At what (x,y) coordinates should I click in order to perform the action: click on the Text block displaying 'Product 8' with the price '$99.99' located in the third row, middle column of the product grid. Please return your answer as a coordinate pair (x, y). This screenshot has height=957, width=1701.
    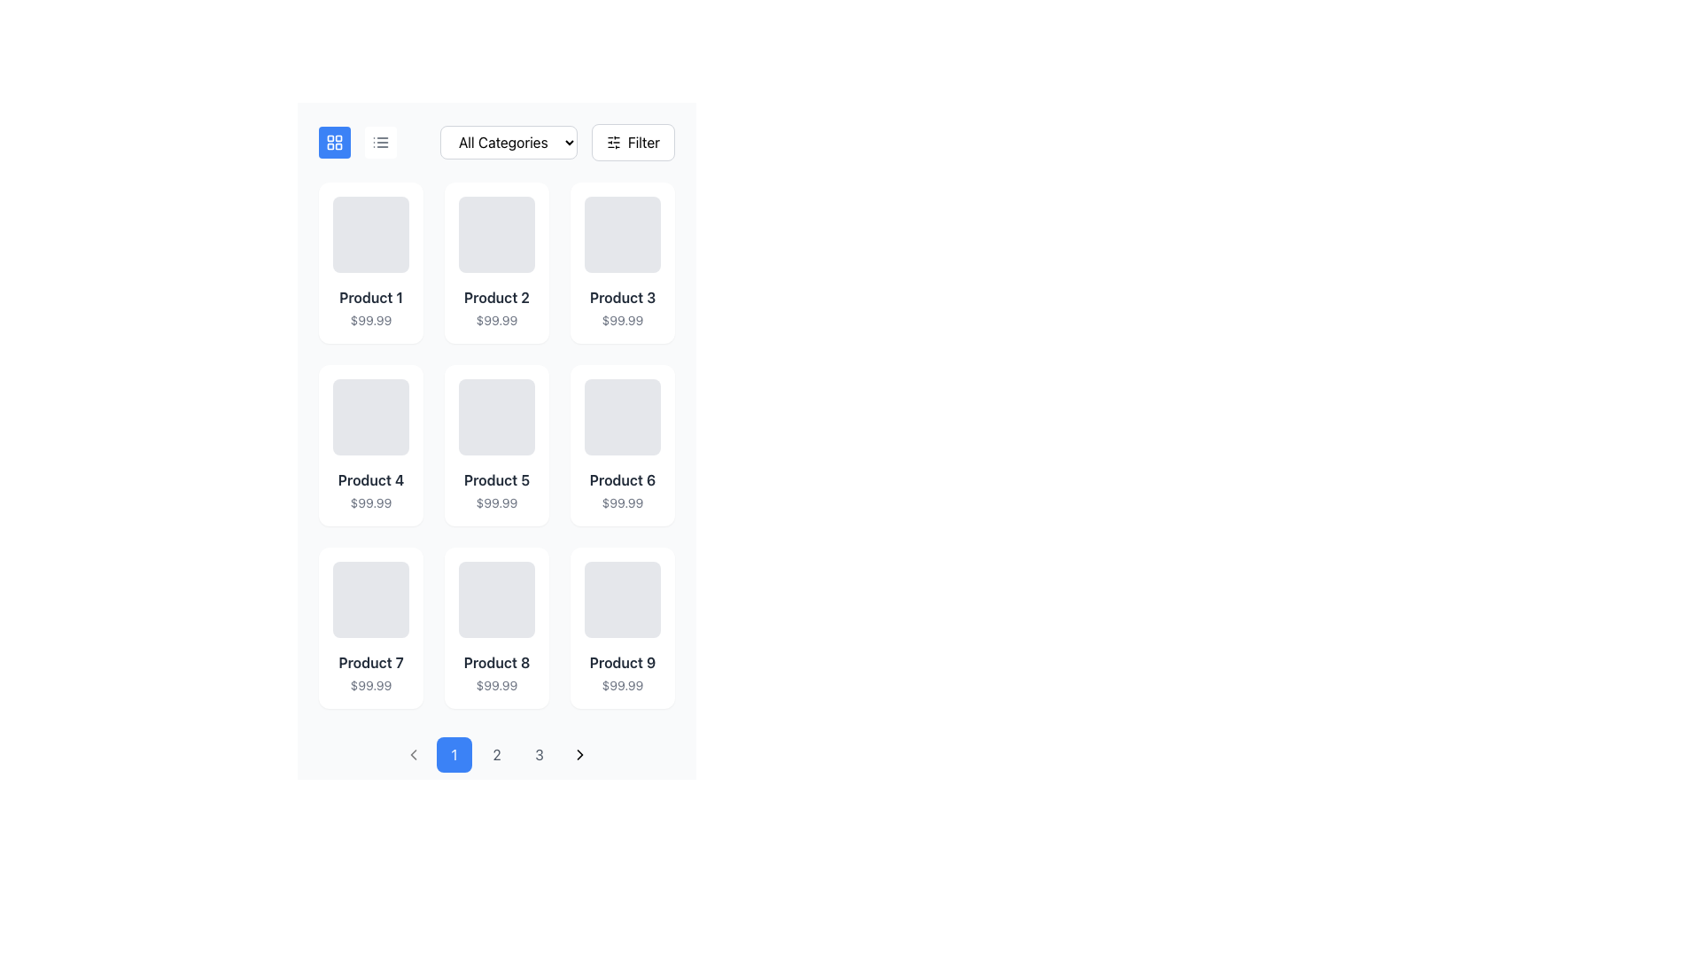
    Looking at the image, I should click on (496, 673).